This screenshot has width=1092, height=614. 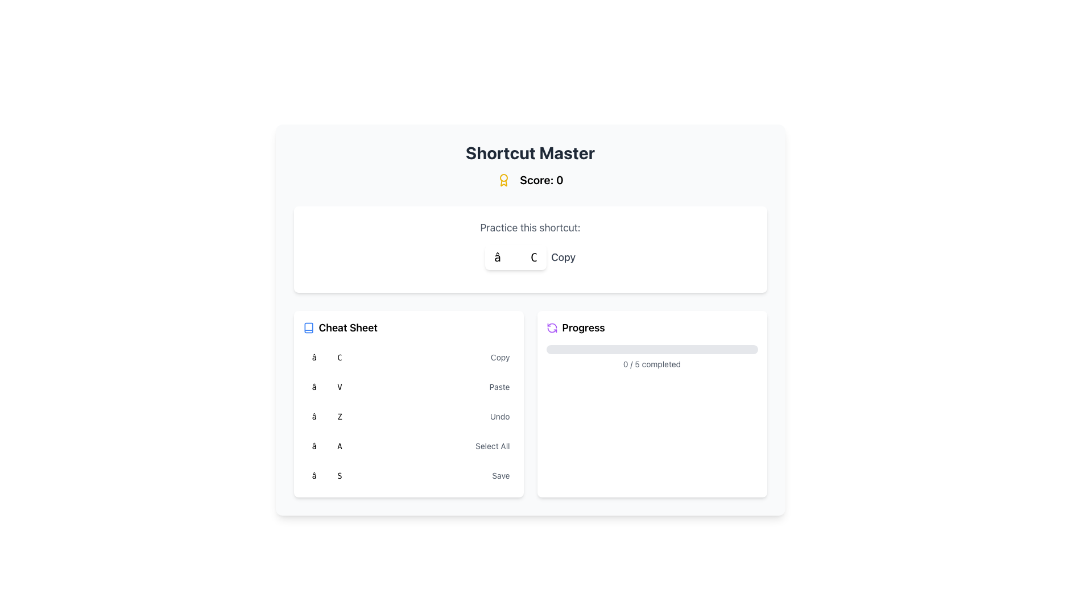 What do you see at coordinates (530, 257) in the screenshot?
I see `information displayed in the keyboard shortcut hint element which shows '⌘ C' and describes the action as 'Copy'` at bounding box center [530, 257].